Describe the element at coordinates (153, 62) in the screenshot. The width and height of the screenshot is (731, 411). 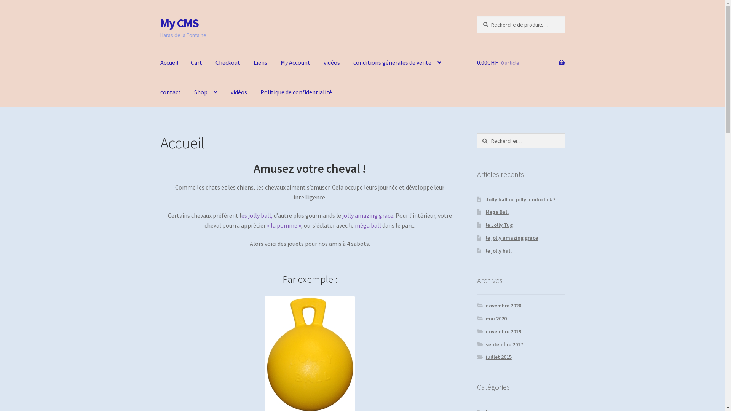
I see `'Accueil'` at that location.